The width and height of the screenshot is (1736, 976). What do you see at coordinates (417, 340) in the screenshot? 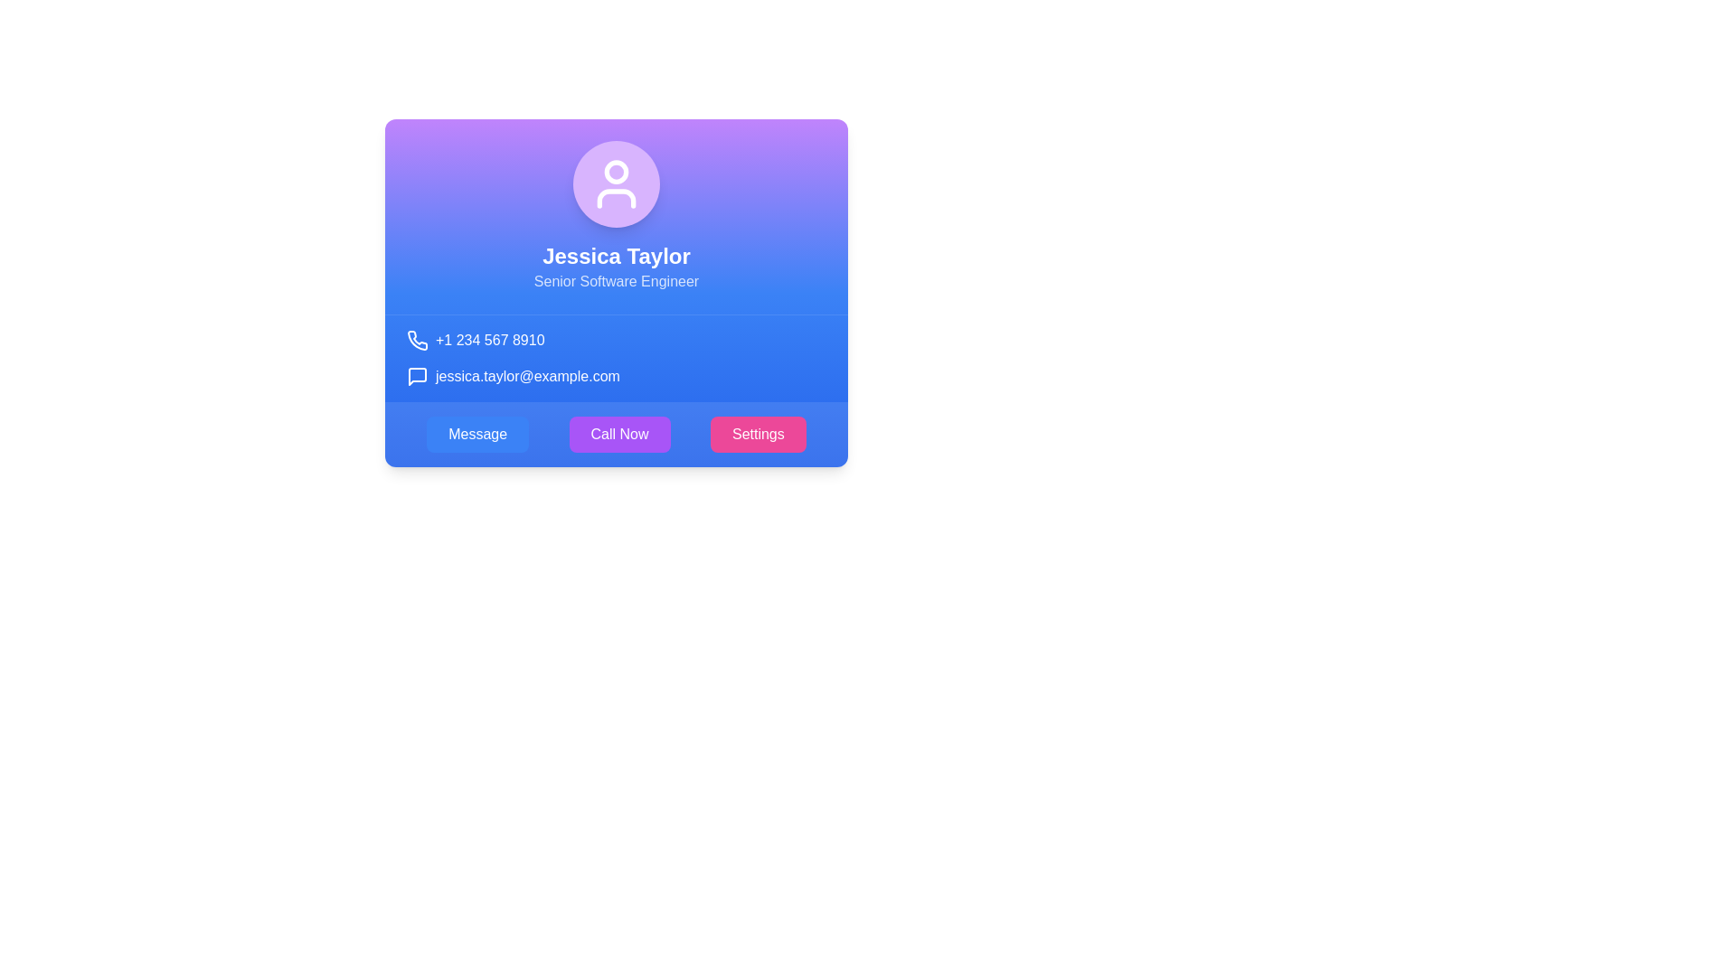
I see `the phone icon located in the contact information section, which visually indicates the purpose of the adjacent phone number '+1 234 567 8910'` at bounding box center [417, 340].